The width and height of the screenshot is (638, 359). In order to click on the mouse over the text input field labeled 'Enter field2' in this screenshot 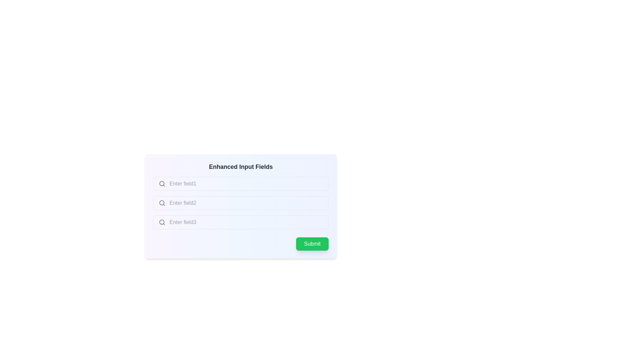, I will do `click(240, 202)`.